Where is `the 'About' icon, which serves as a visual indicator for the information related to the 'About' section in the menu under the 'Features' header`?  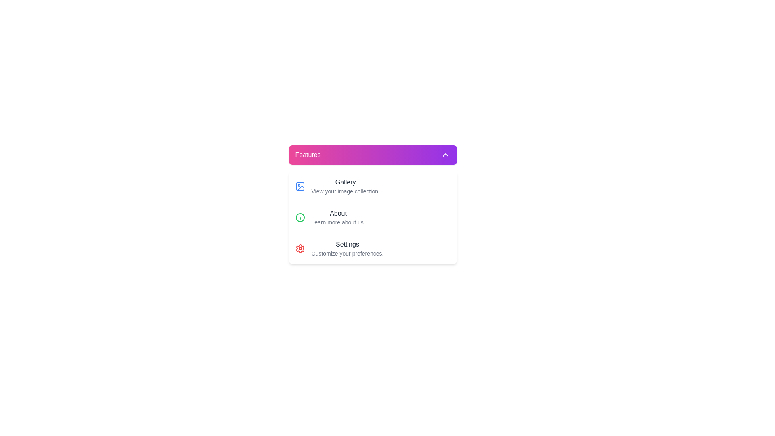 the 'About' icon, which serves as a visual indicator for the information related to the 'About' section in the menu under the 'Features' header is located at coordinates (300, 217).